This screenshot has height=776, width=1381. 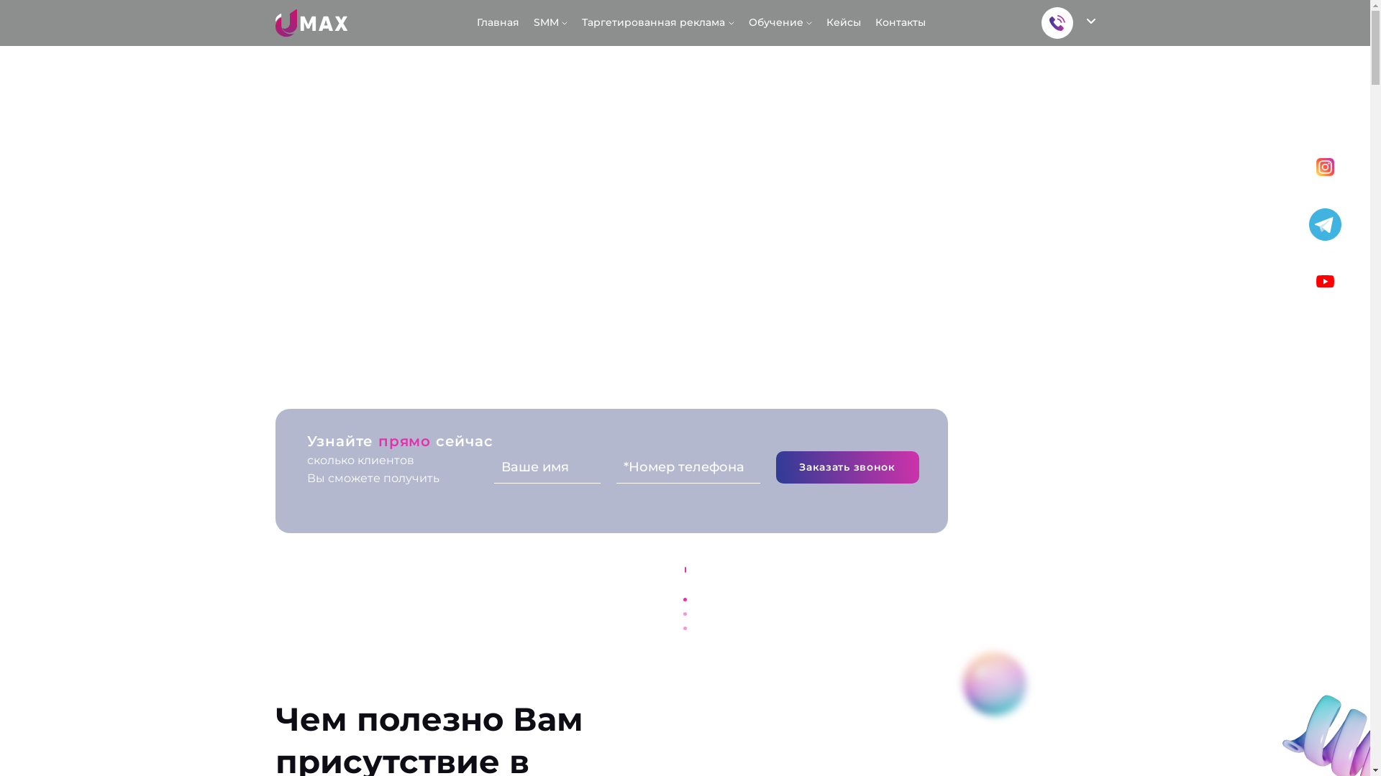 What do you see at coordinates (550, 22) in the screenshot?
I see `'SMM'` at bounding box center [550, 22].